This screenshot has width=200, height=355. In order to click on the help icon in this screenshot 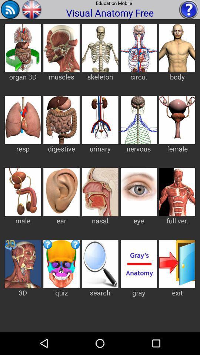, I will do `click(189, 10)`.